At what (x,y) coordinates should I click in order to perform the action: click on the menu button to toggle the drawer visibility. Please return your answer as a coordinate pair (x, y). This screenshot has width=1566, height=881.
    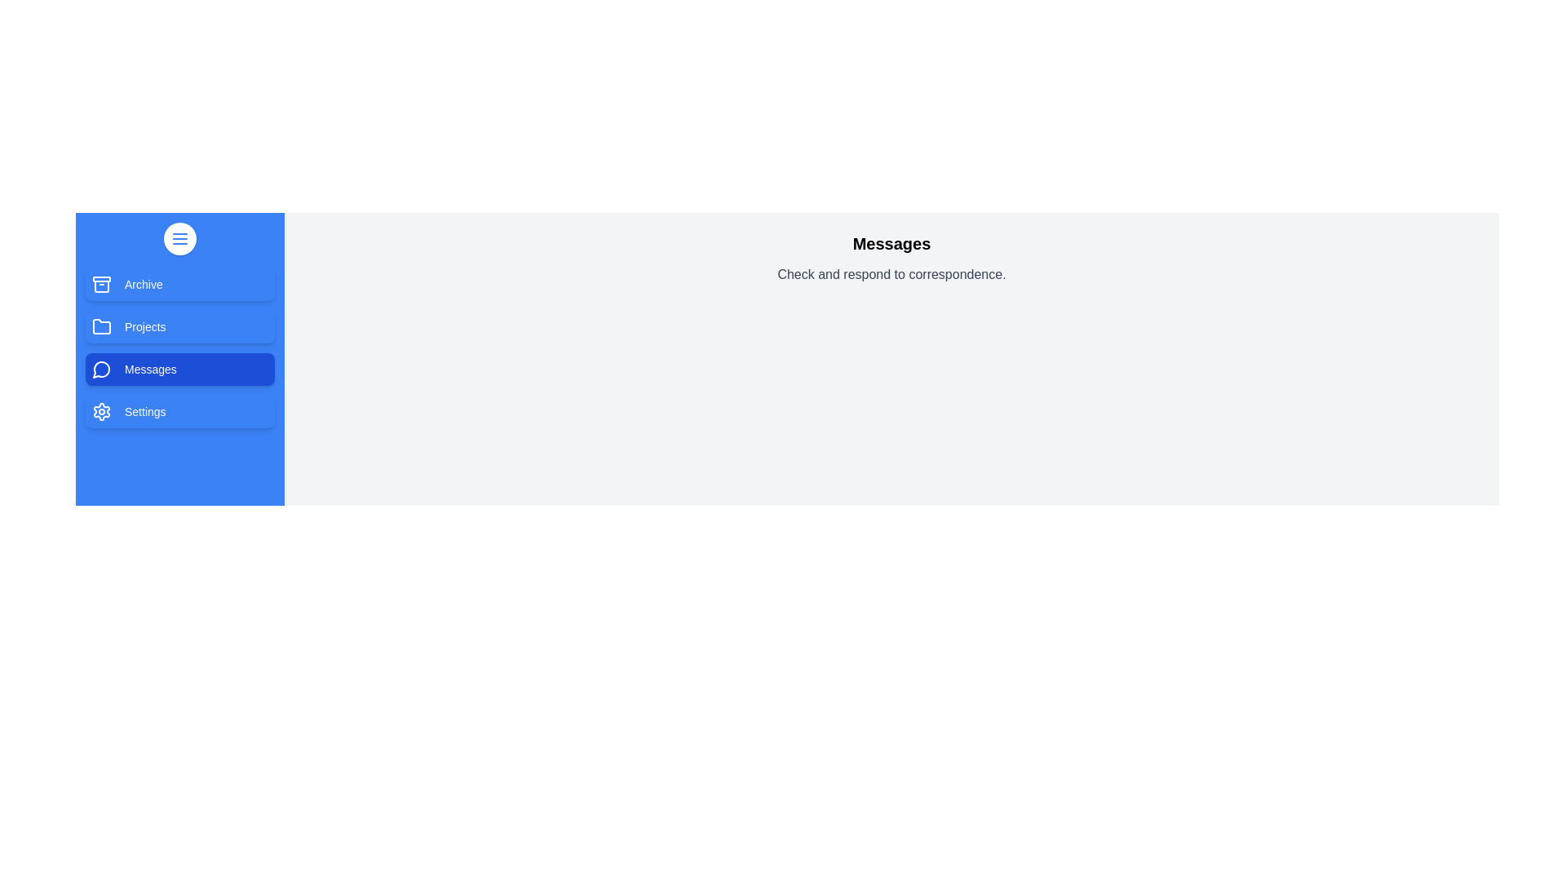
    Looking at the image, I should click on (179, 239).